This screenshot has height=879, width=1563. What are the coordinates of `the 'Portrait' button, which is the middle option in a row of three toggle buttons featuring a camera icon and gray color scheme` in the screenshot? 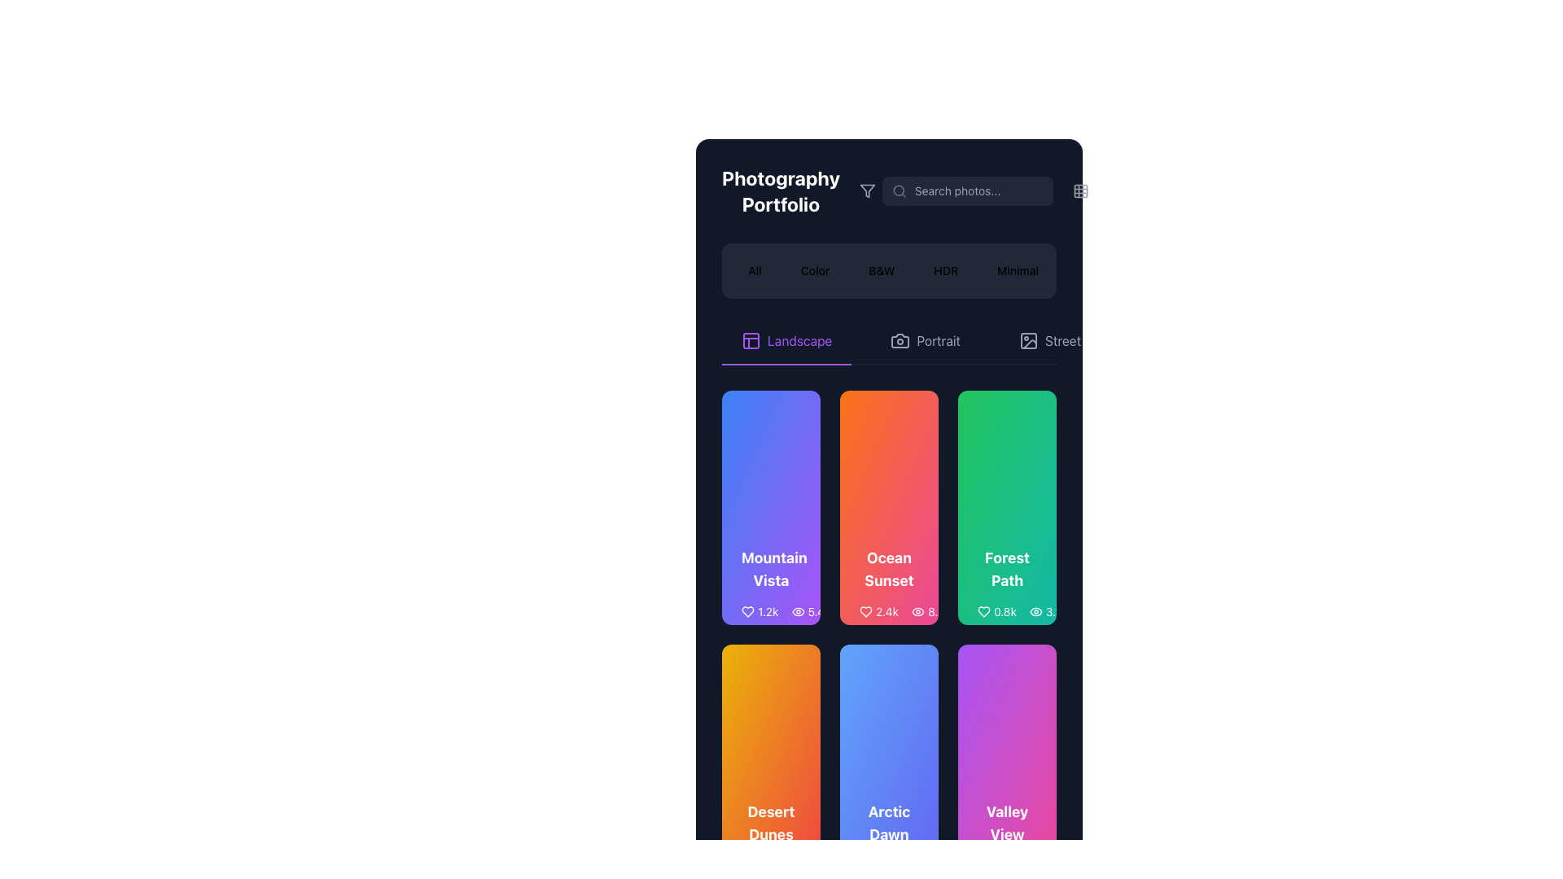 It's located at (926, 340).